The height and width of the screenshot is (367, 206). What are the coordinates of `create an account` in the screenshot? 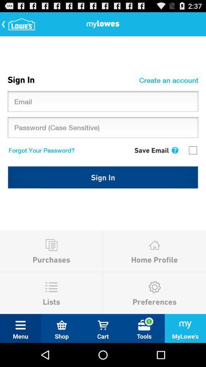 It's located at (170, 80).